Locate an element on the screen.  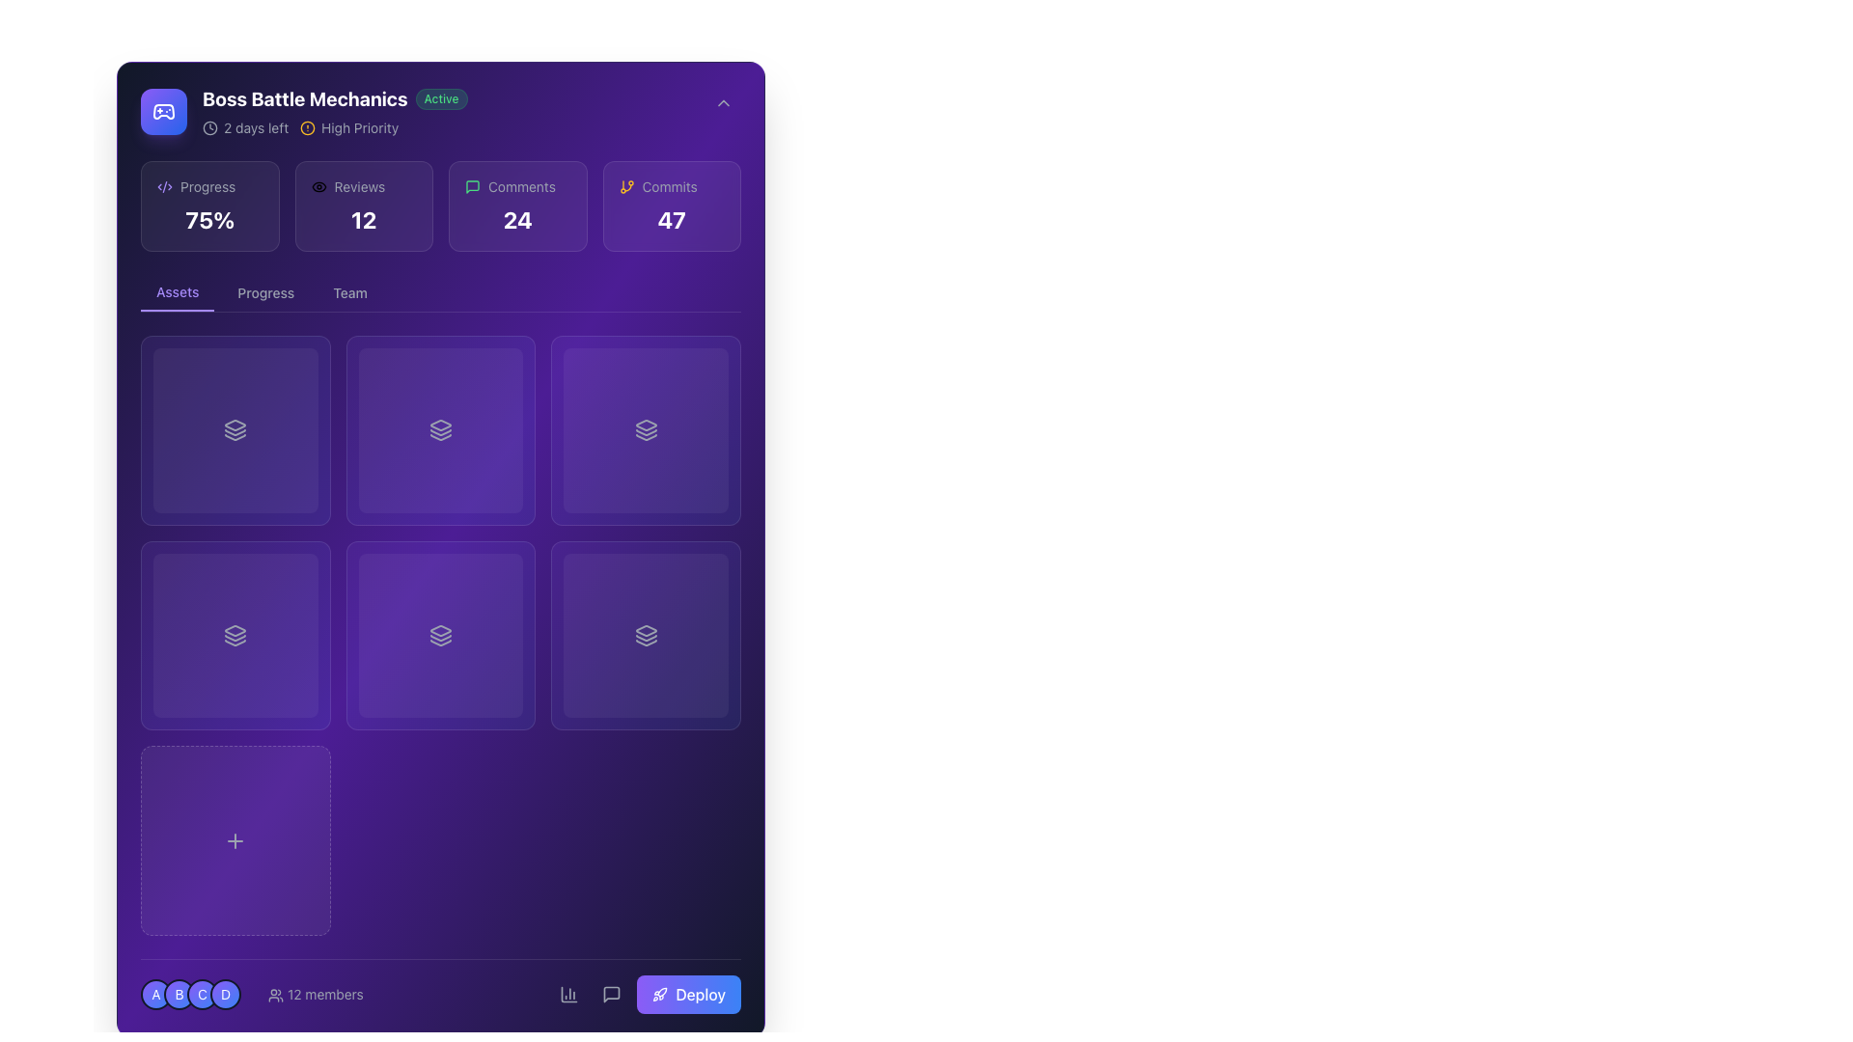
the violet XML code icon located to the left of the 'Progress' text label in the header section is located at coordinates (165, 186).